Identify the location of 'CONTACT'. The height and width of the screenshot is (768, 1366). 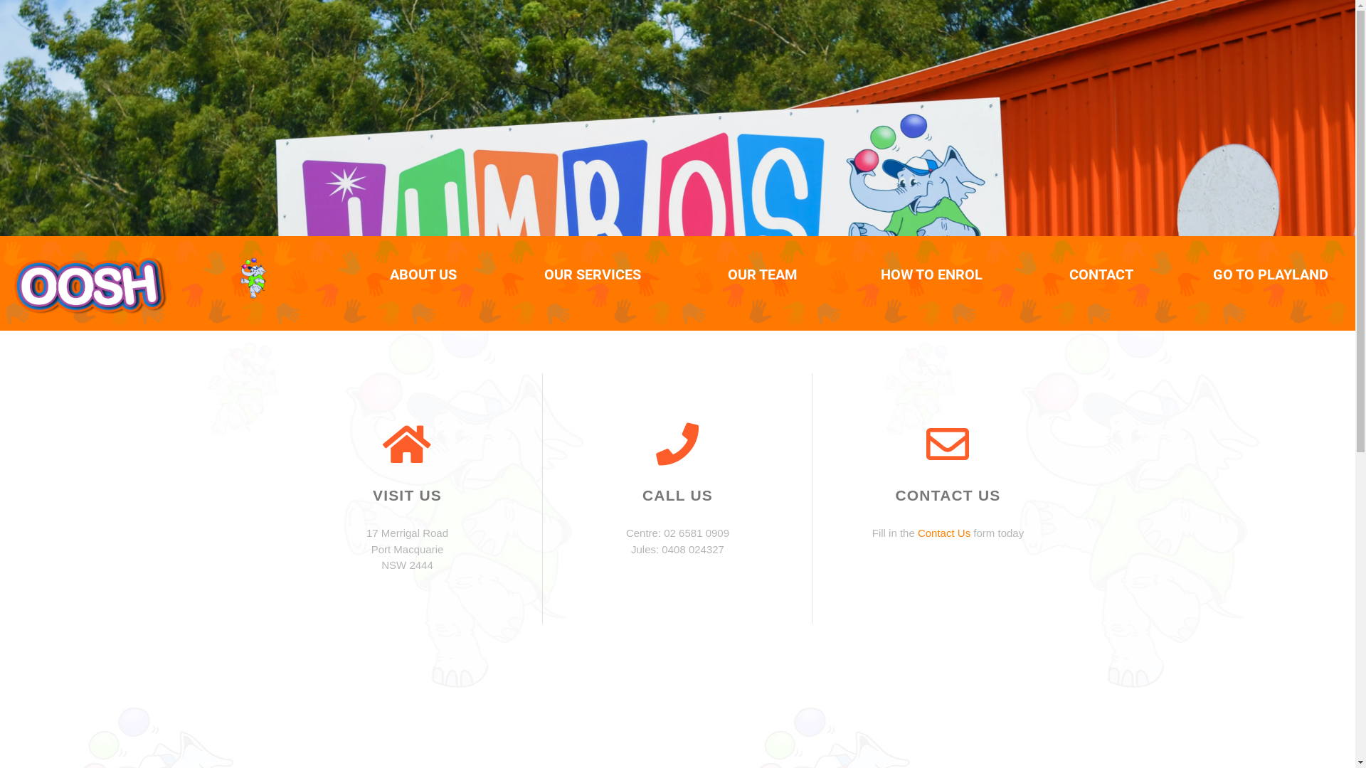
(1101, 274).